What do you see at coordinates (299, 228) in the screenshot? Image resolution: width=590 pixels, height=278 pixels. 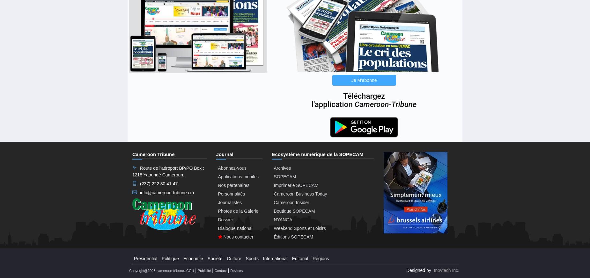 I see `'Weekend Sports et Loisirs'` at bounding box center [299, 228].